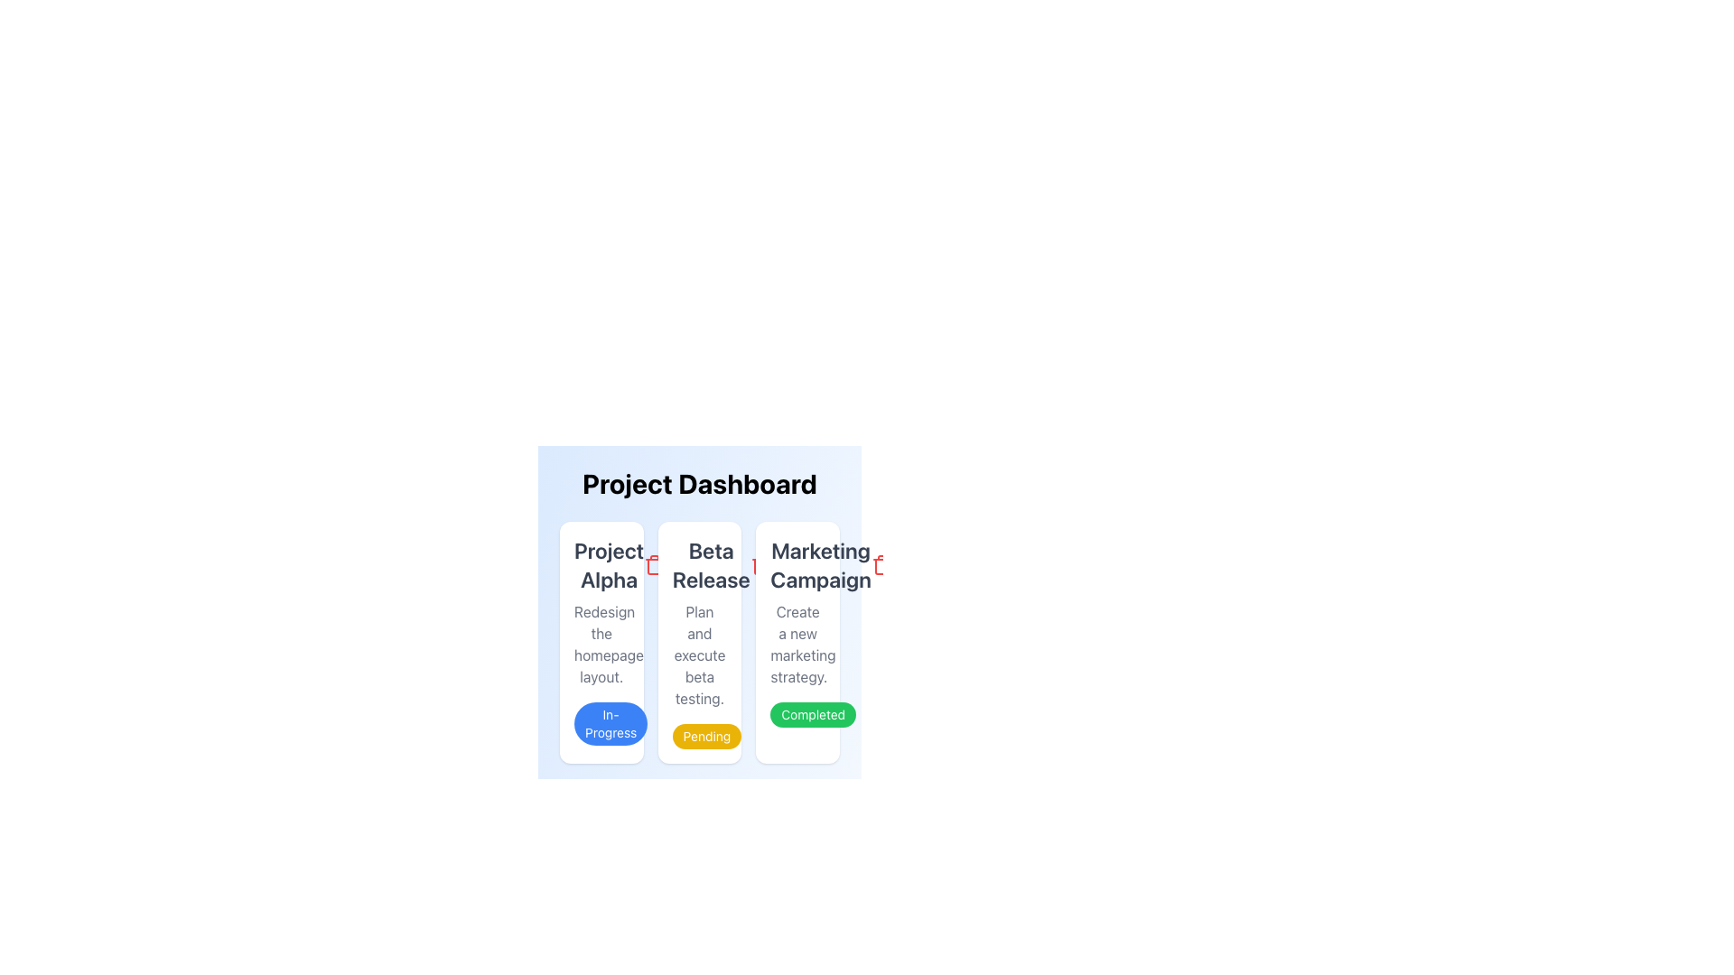  What do you see at coordinates (812, 713) in the screenshot?
I see `the status indicator label for the marketing campaign located at the bottom of the 'Marketing Campaign' card, positioned between the 'Beta Release' card and the 'Marketing Campaign' card` at bounding box center [812, 713].